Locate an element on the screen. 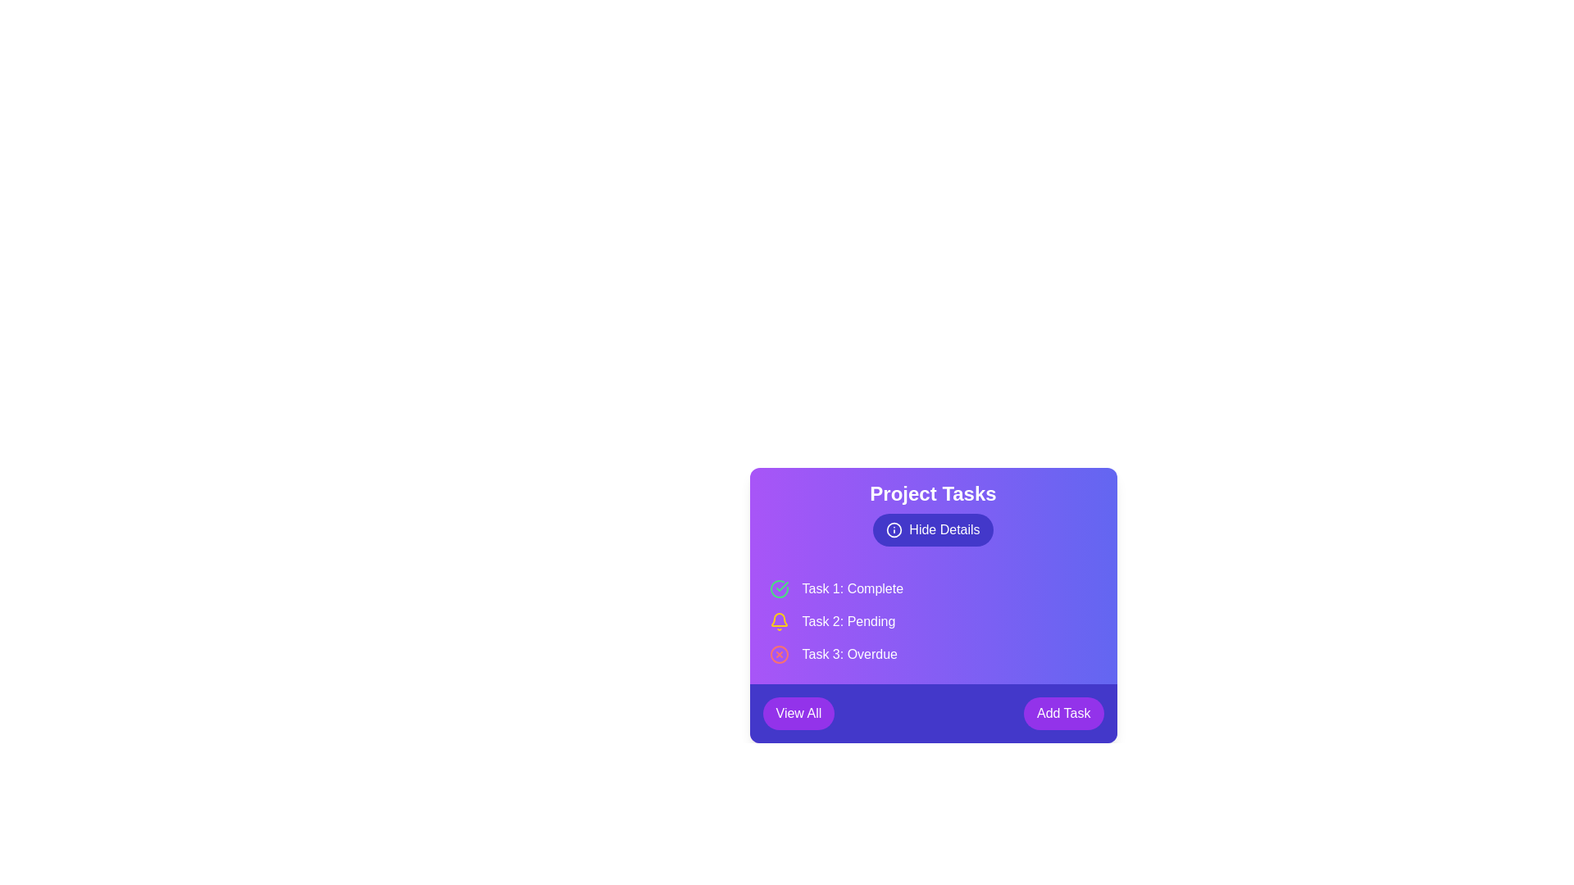 This screenshot has height=885, width=1574. the icon representing 'Task 2: Pending', which is located in the second position within the vertically-arranged set of task icons is located at coordinates (778, 622).